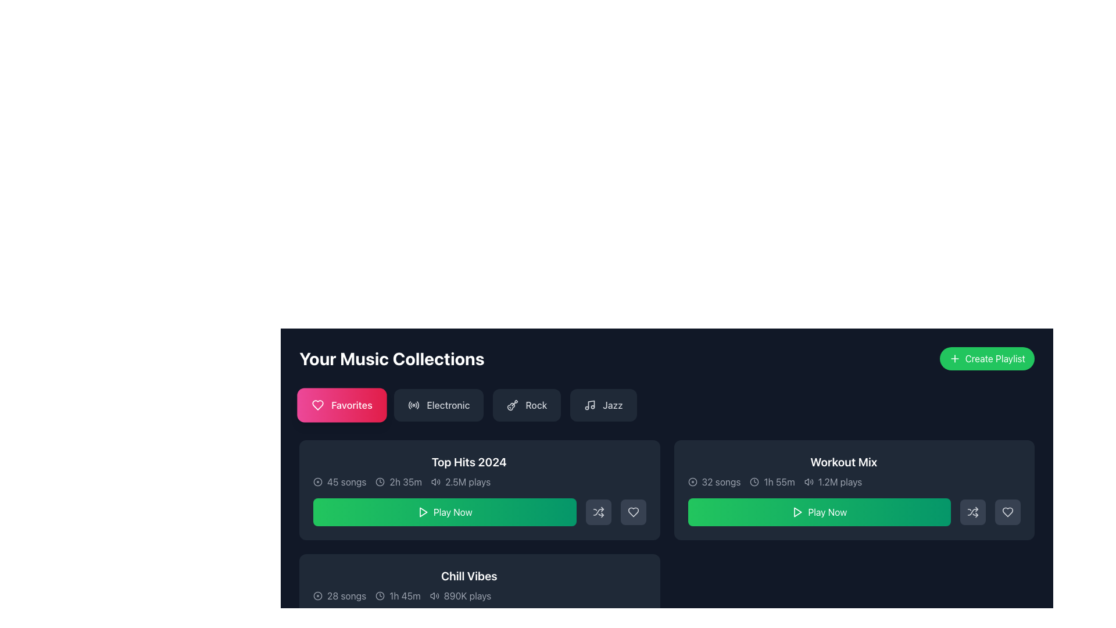 The image size is (1116, 628). I want to click on the 'Favorites' button, which is a rectangular button with a gradient background featuring a white heart icon and the text 'Favorites' in white, located beneath the heading 'Your Music Collections', so click(341, 405).